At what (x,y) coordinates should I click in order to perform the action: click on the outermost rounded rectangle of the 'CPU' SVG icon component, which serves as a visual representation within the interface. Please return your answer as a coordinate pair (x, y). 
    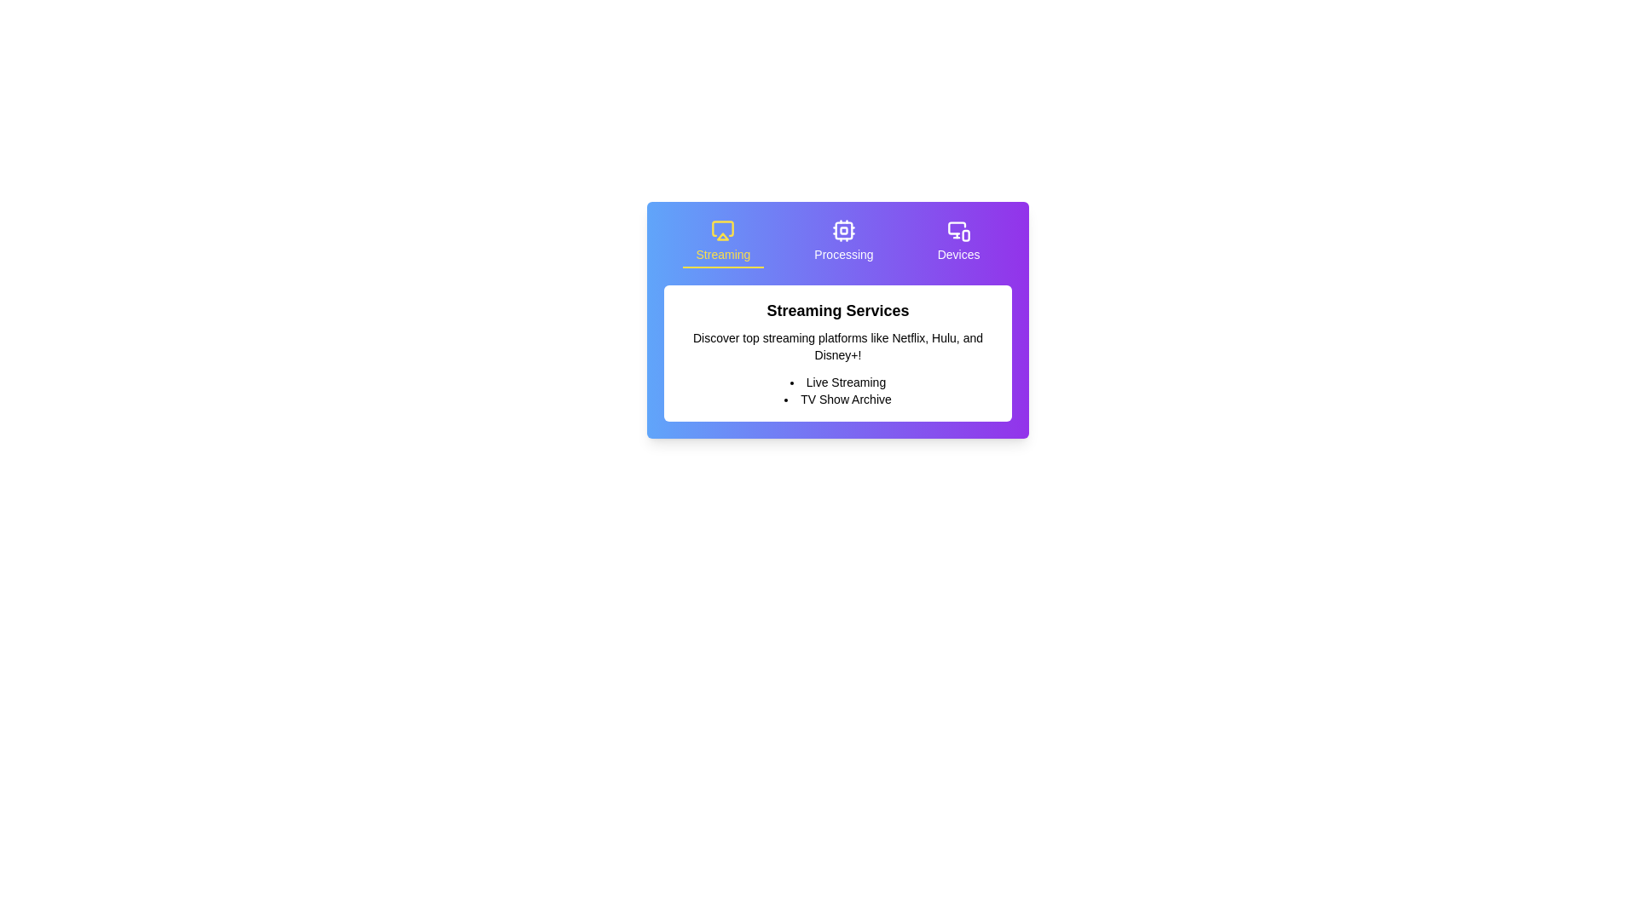
    Looking at the image, I should click on (843, 230).